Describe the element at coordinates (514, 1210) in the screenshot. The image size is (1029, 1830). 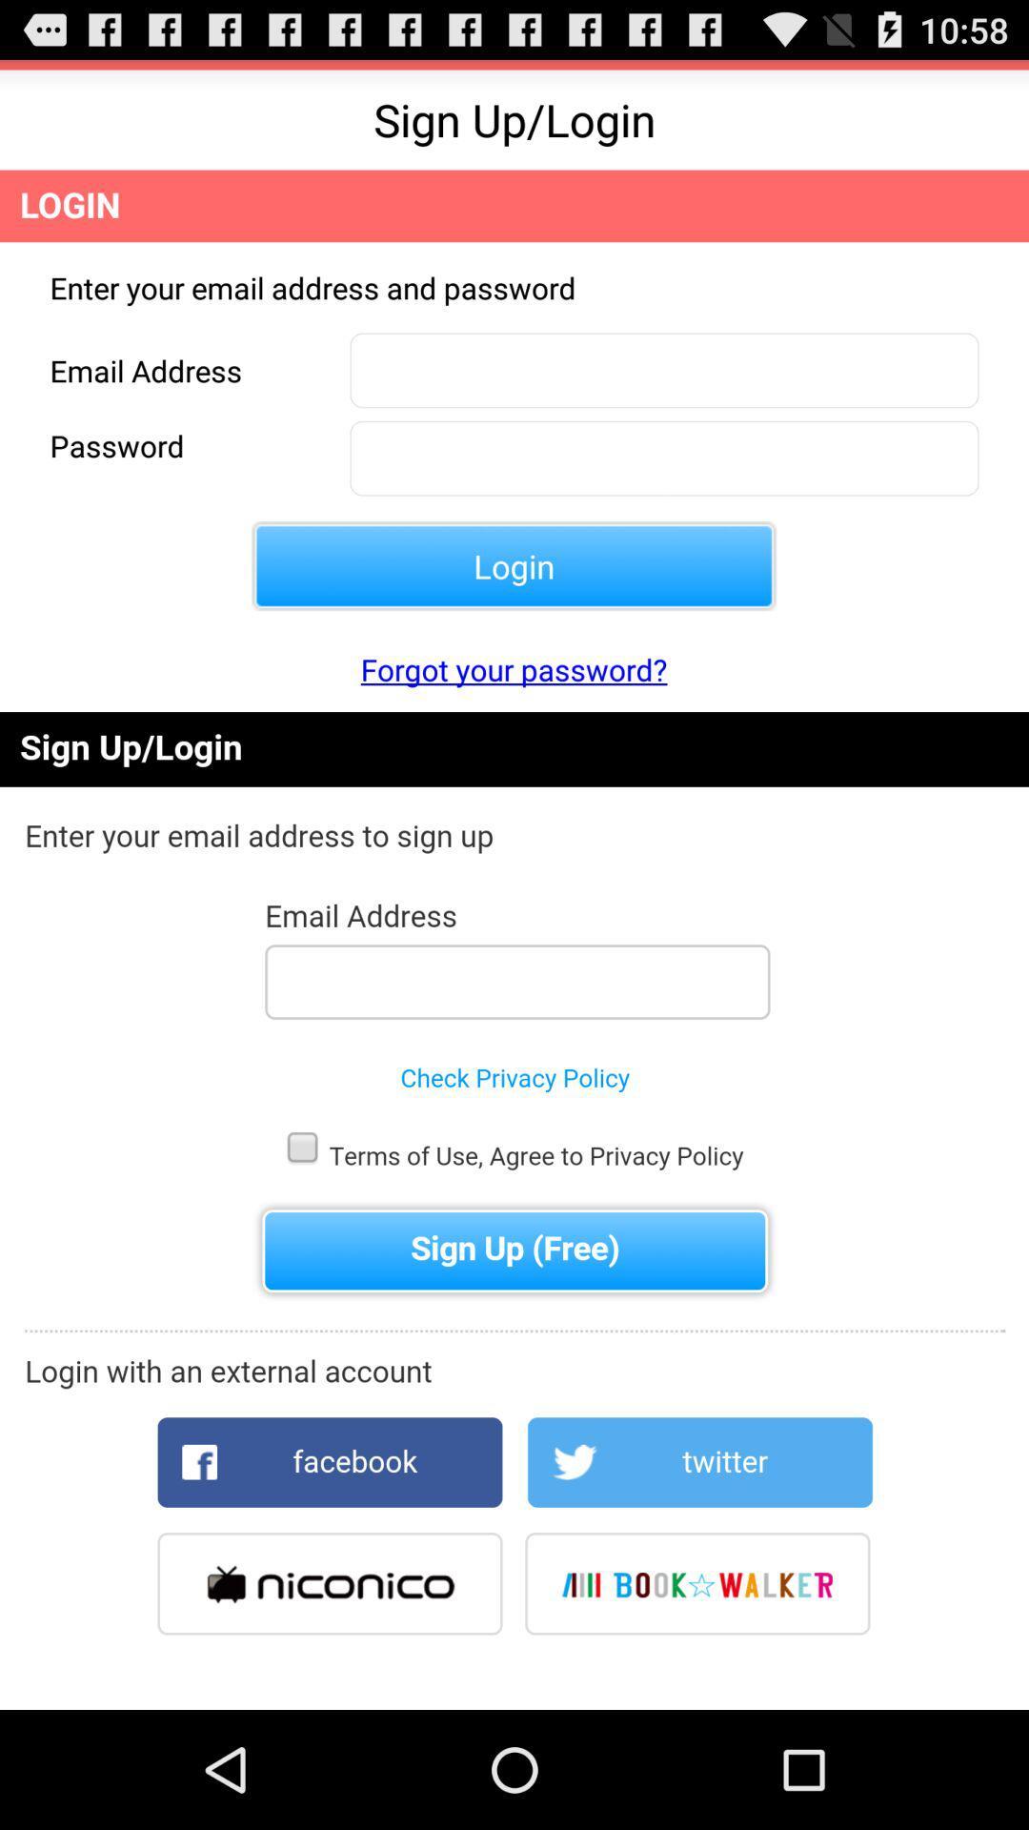
I see `sign up/login page` at that location.